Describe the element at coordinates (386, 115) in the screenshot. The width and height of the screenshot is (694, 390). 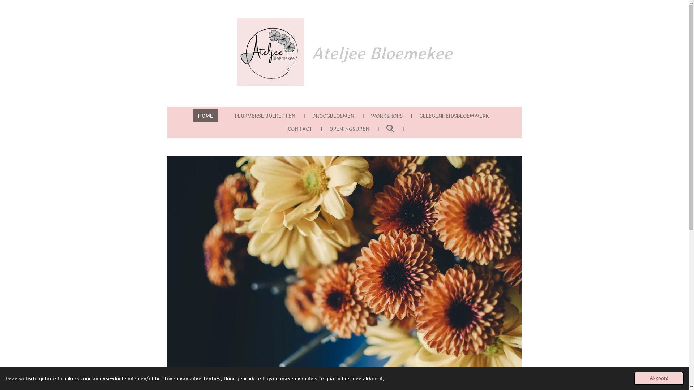
I see `'WORKSHOPS'` at that location.